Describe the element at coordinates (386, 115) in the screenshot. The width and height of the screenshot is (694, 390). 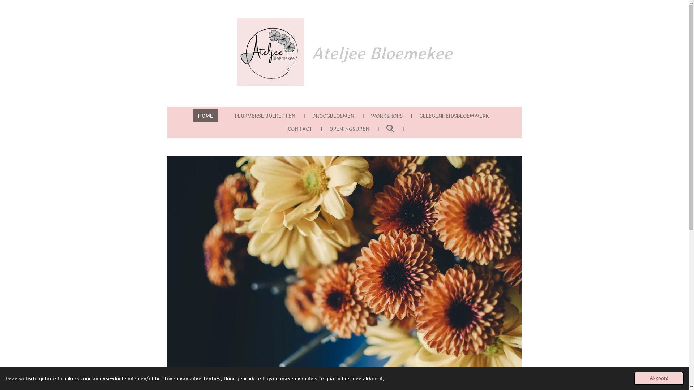
I see `'WORKSHOPS'` at that location.